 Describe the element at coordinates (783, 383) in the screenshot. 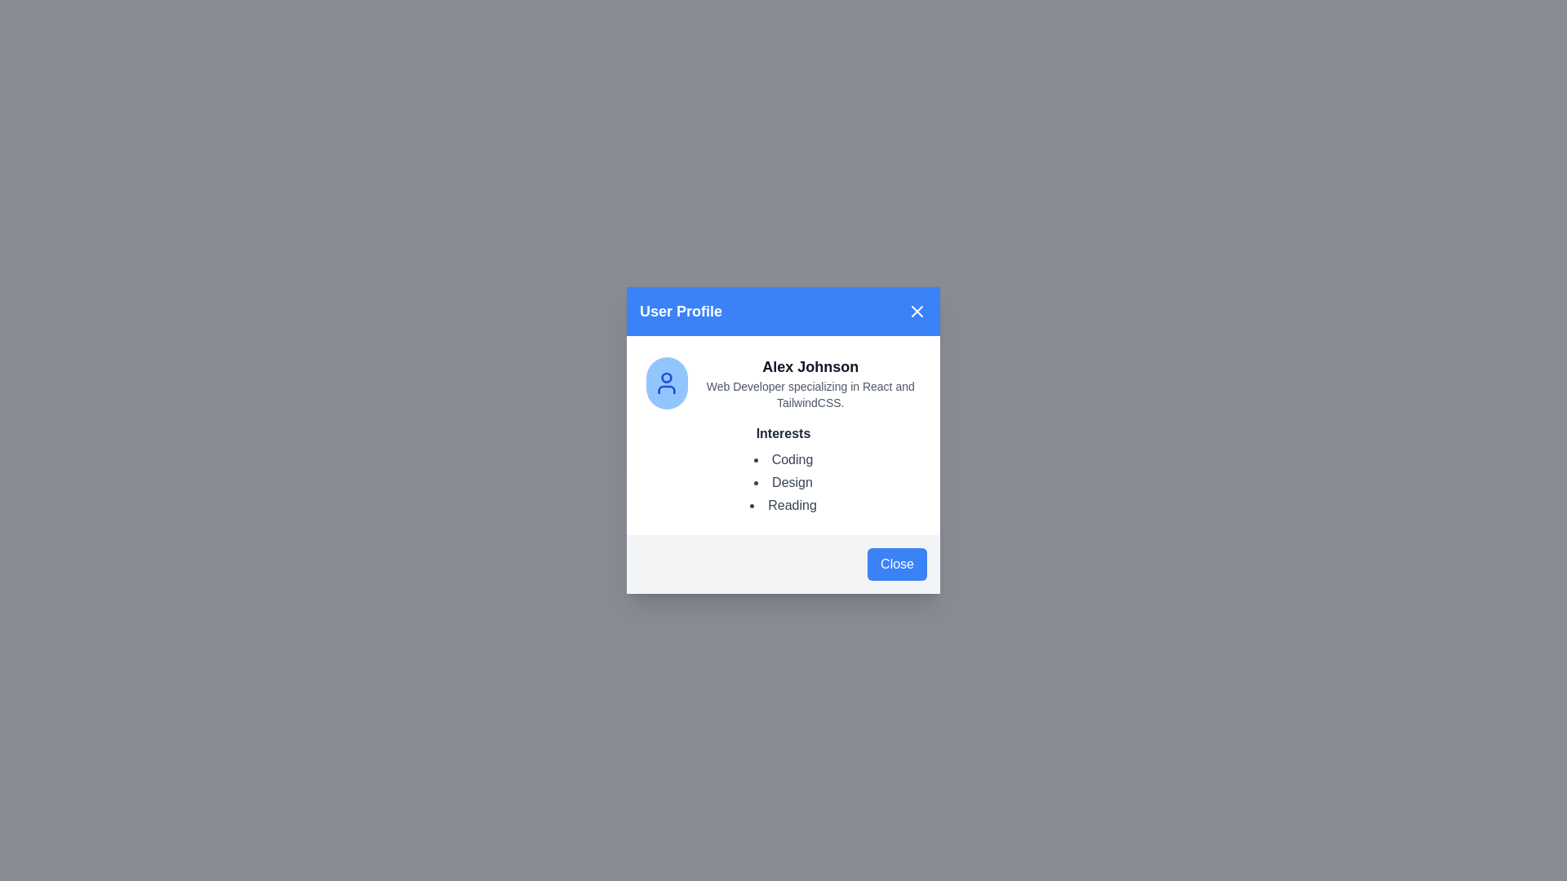

I see `the Profile Information Section text` at that location.